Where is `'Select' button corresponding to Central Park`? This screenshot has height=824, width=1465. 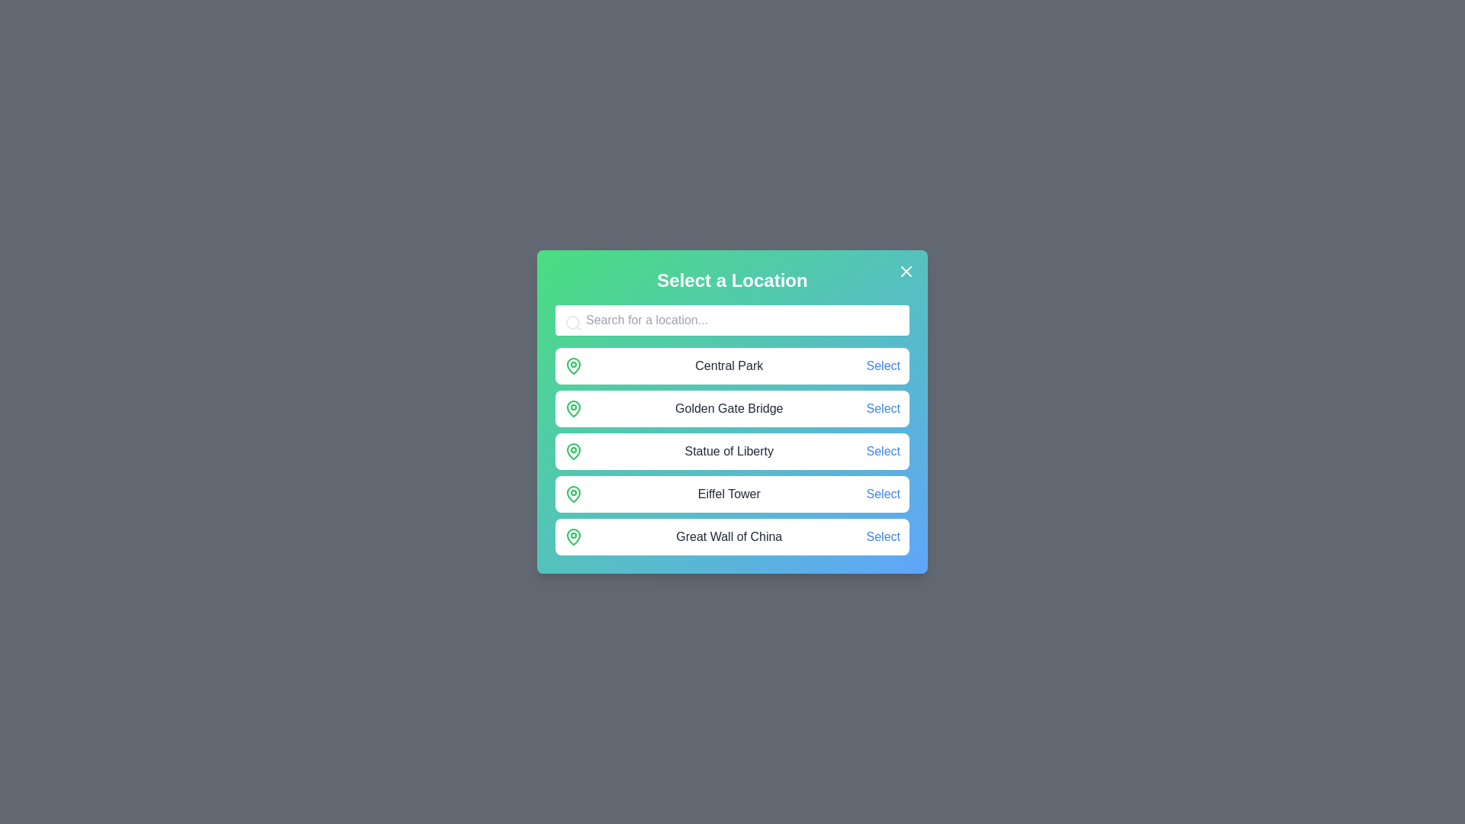 'Select' button corresponding to Central Park is located at coordinates (883, 365).